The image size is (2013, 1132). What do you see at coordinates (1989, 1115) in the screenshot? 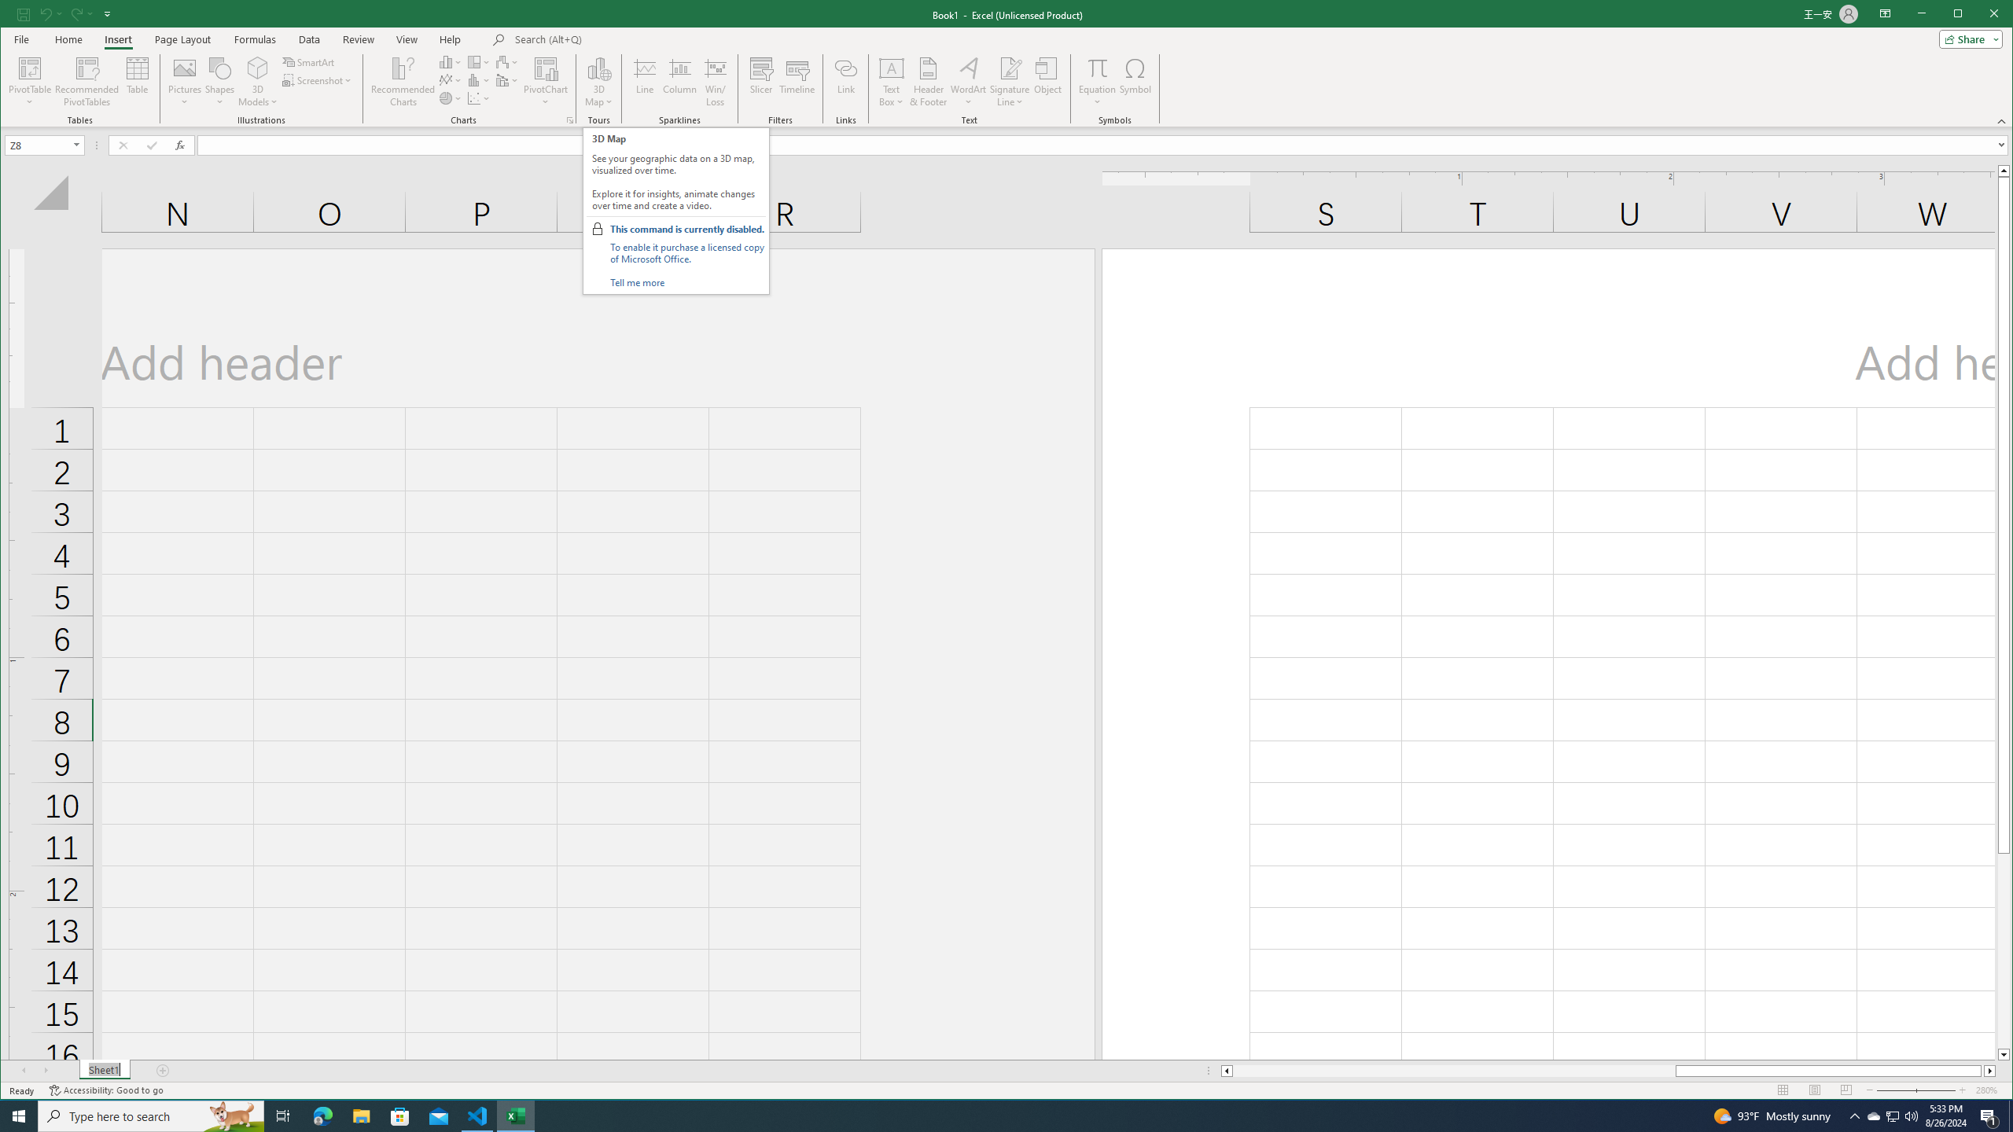
I see `'Action Center, 1 new notification'` at bounding box center [1989, 1115].